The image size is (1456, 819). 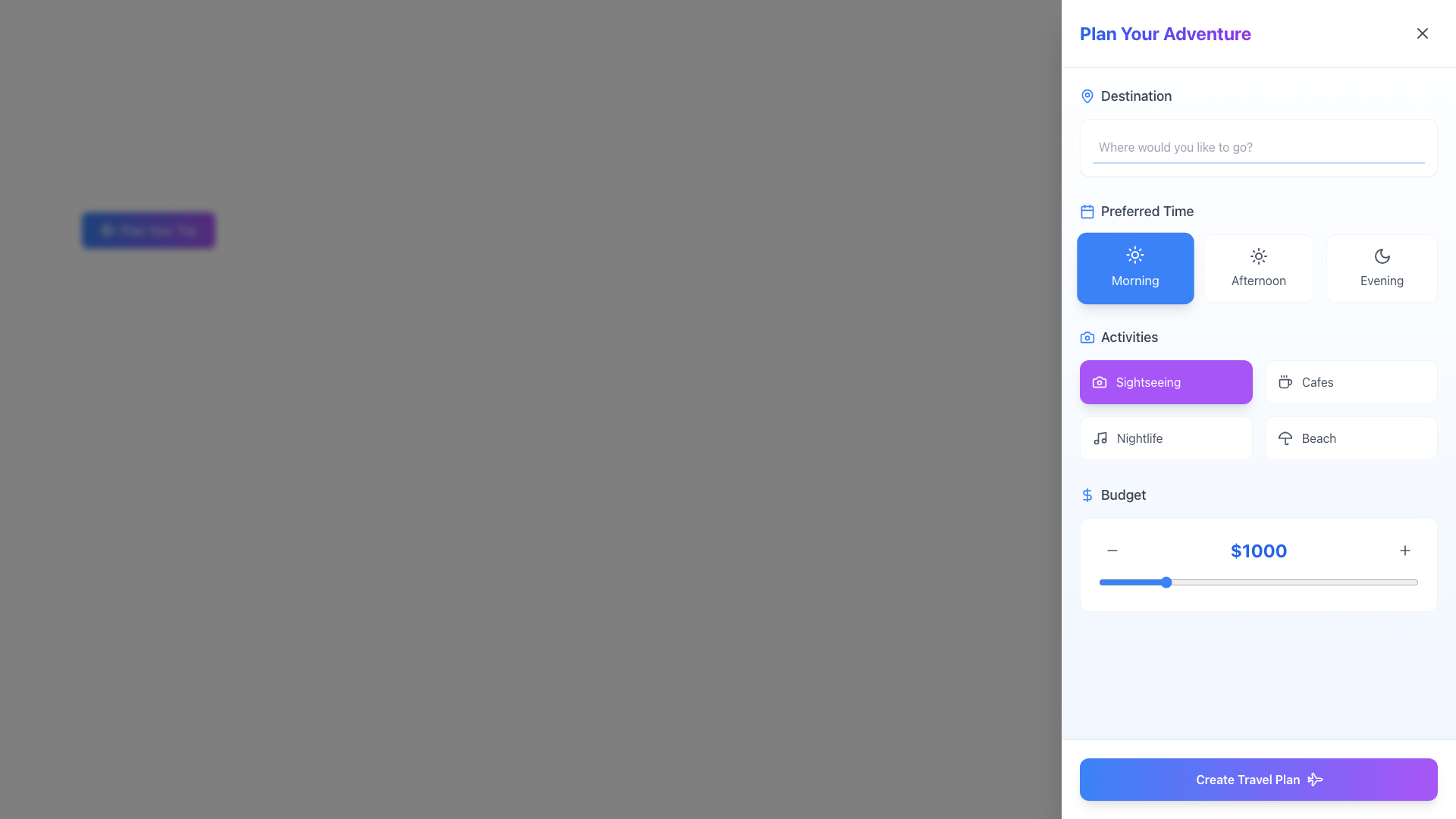 I want to click on the budget value, so click(x=1411, y=581).